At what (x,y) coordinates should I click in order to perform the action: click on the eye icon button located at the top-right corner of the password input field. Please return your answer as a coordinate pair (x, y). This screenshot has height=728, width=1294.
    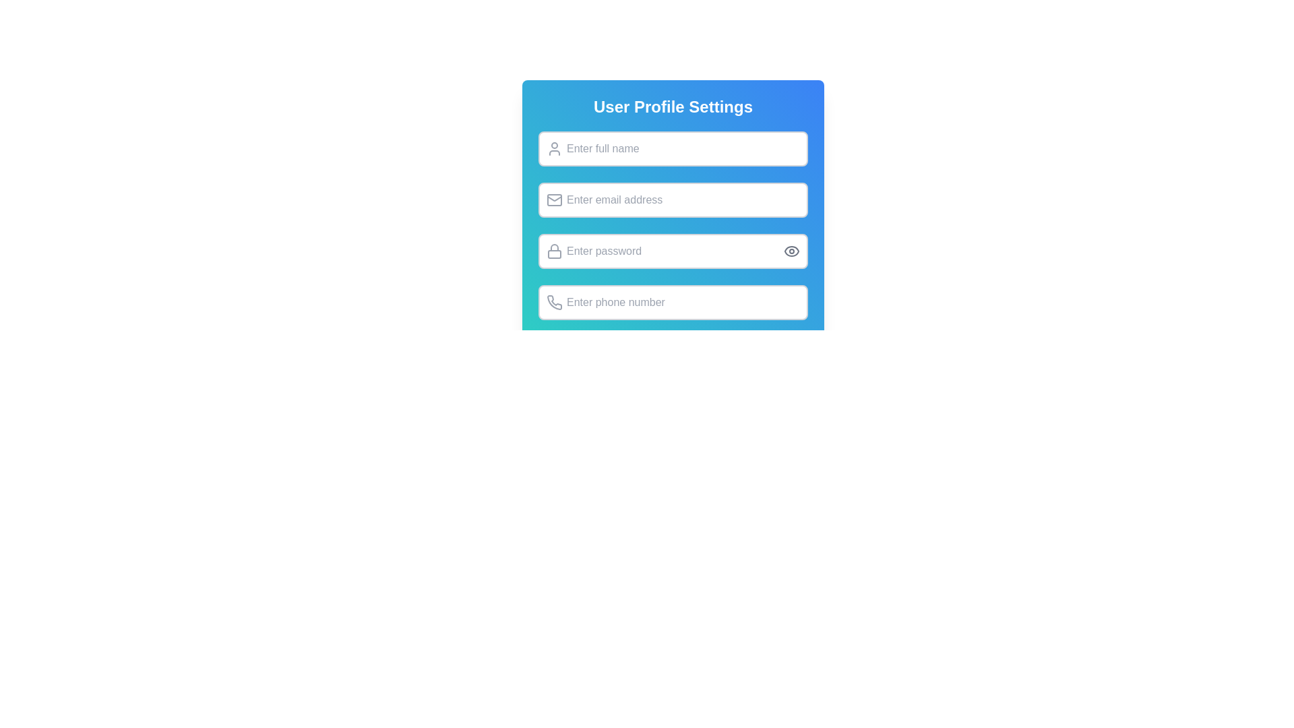
    Looking at the image, I should click on (792, 251).